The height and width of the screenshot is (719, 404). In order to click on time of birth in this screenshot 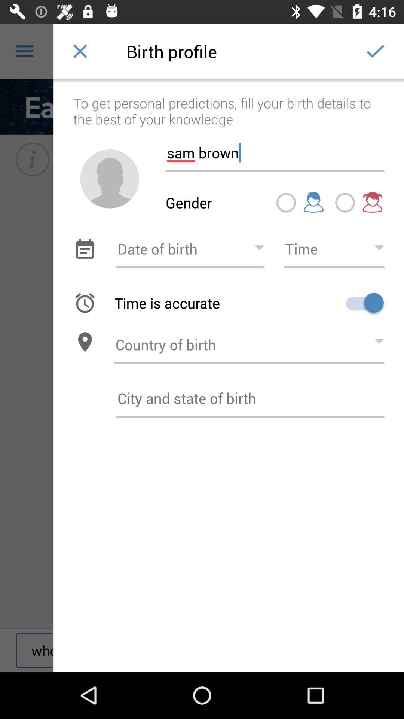, I will do `click(334, 249)`.